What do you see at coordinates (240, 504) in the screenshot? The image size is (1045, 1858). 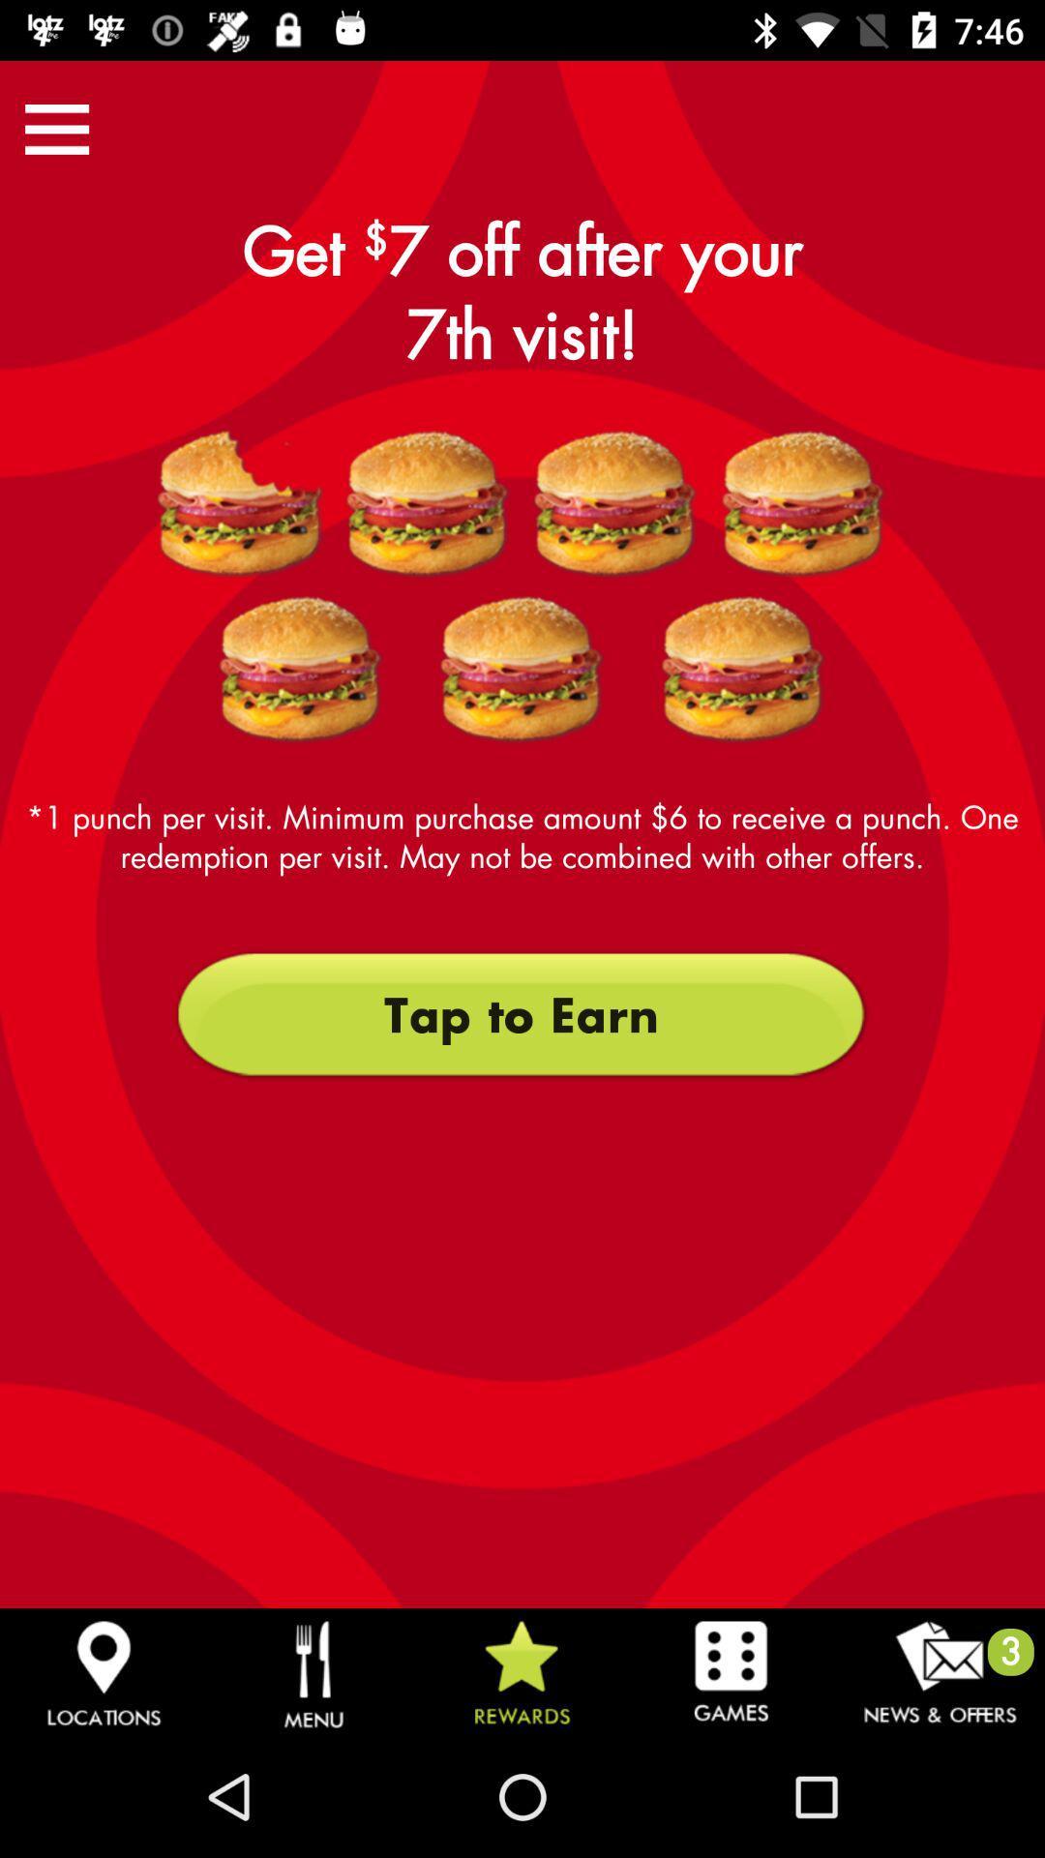 I see `redeem punch` at bounding box center [240, 504].